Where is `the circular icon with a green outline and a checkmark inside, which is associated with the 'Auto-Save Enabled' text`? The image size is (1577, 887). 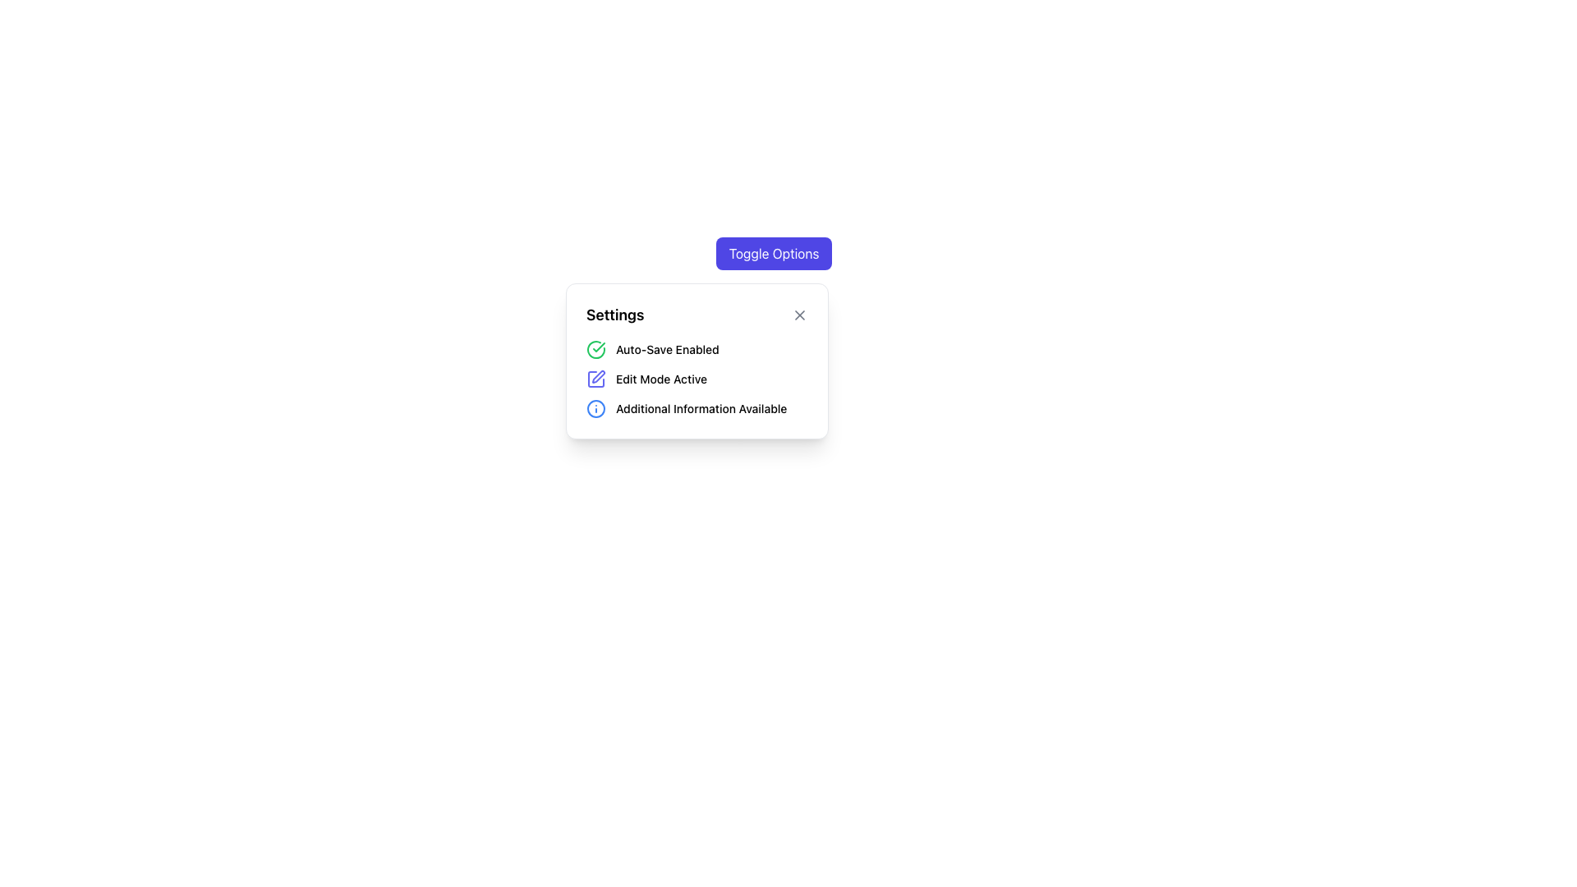 the circular icon with a green outline and a checkmark inside, which is associated with the 'Auto-Save Enabled' text is located at coordinates (595, 348).